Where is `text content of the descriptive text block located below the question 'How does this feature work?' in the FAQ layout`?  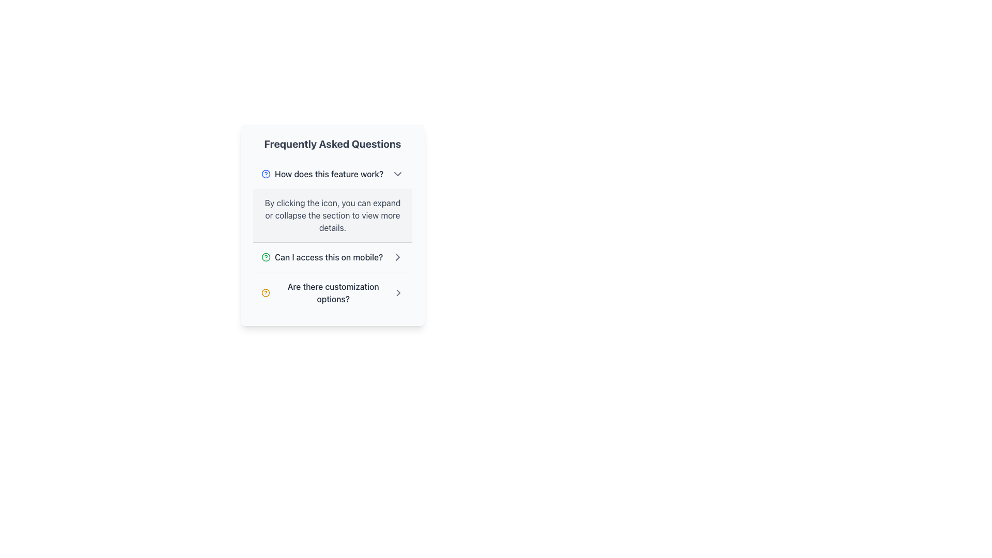 text content of the descriptive text block located below the question 'How does this feature work?' in the FAQ layout is located at coordinates (332, 214).